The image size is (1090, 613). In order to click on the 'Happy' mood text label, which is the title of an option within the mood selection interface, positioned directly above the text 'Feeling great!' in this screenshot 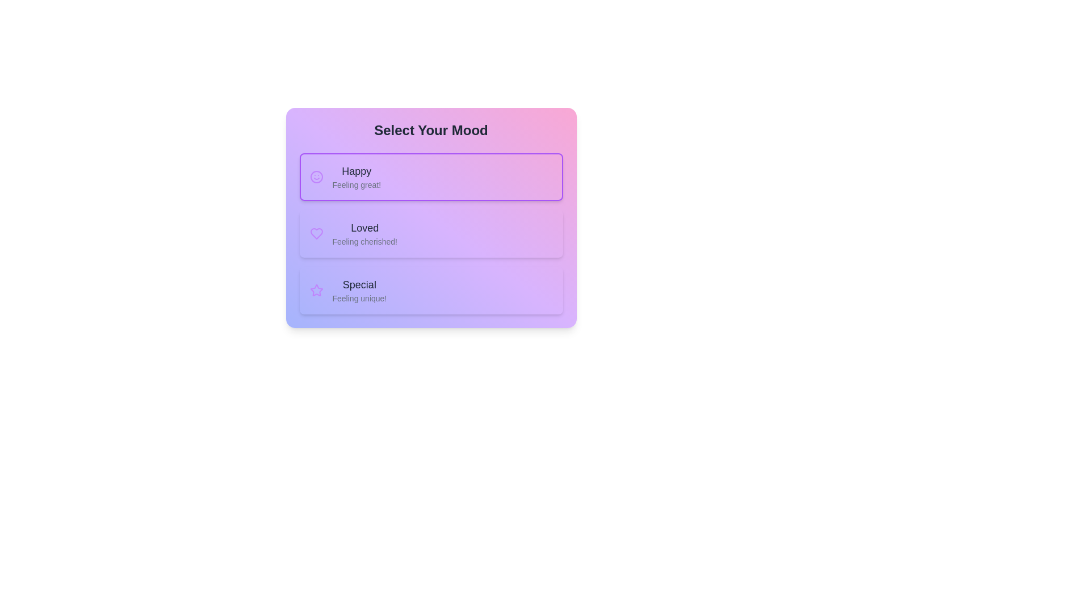, I will do `click(356, 171)`.